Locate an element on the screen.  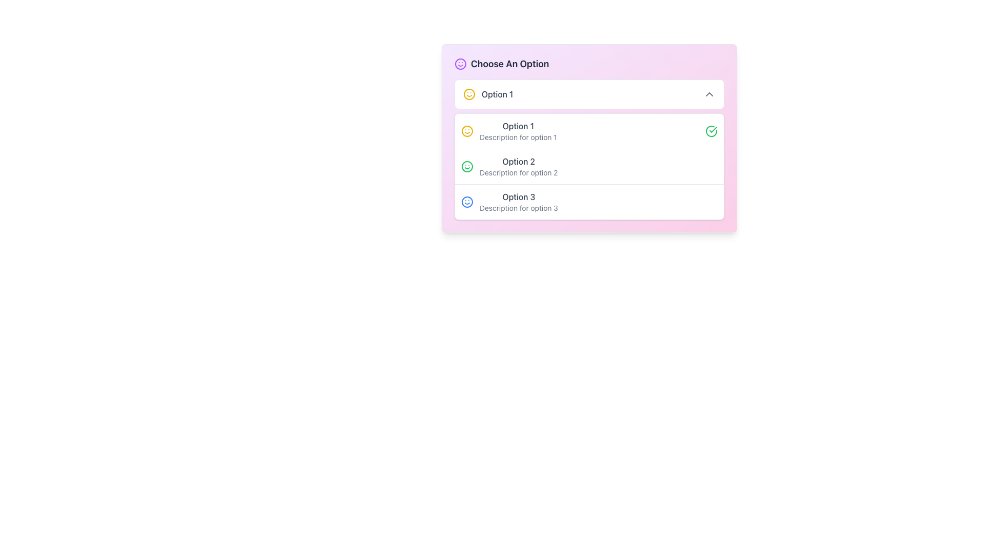
the circular icon with a green checkmark located at the far right end of the row labeled 'Option 1' is located at coordinates (711, 130).